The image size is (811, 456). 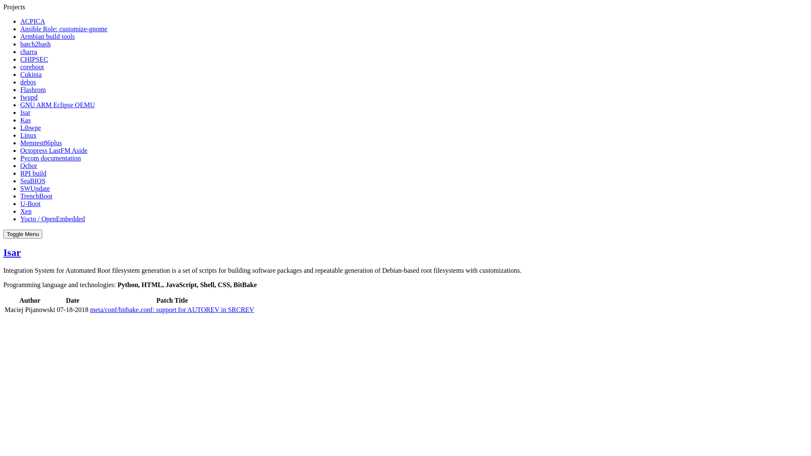 I want to click on 'Armbian build tools', so click(x=20, y=36).